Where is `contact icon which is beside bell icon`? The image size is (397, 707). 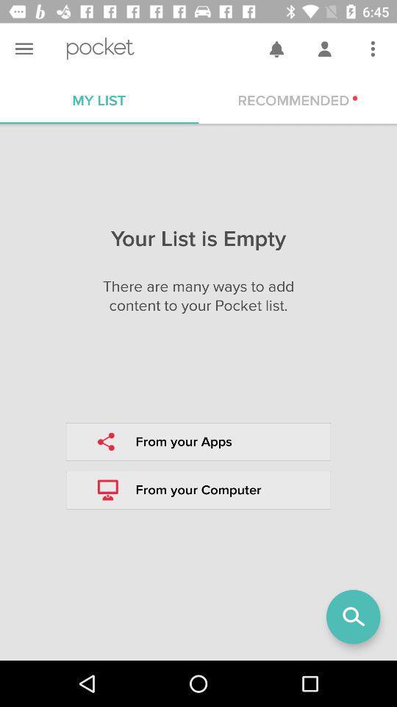 contact icon which is beside bell icon is located at coordinates (324, 49).